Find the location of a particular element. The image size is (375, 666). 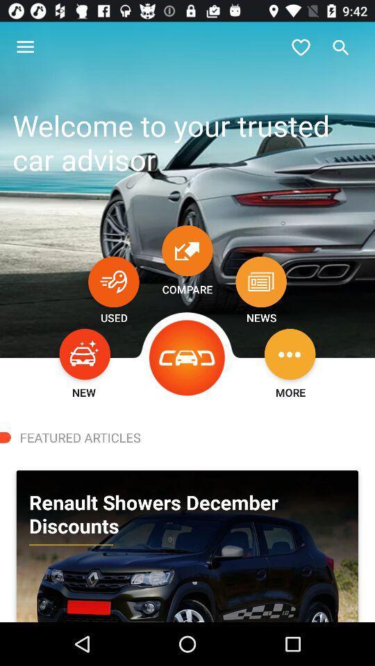

the item above the new icon is located at coordinates (85, 353).